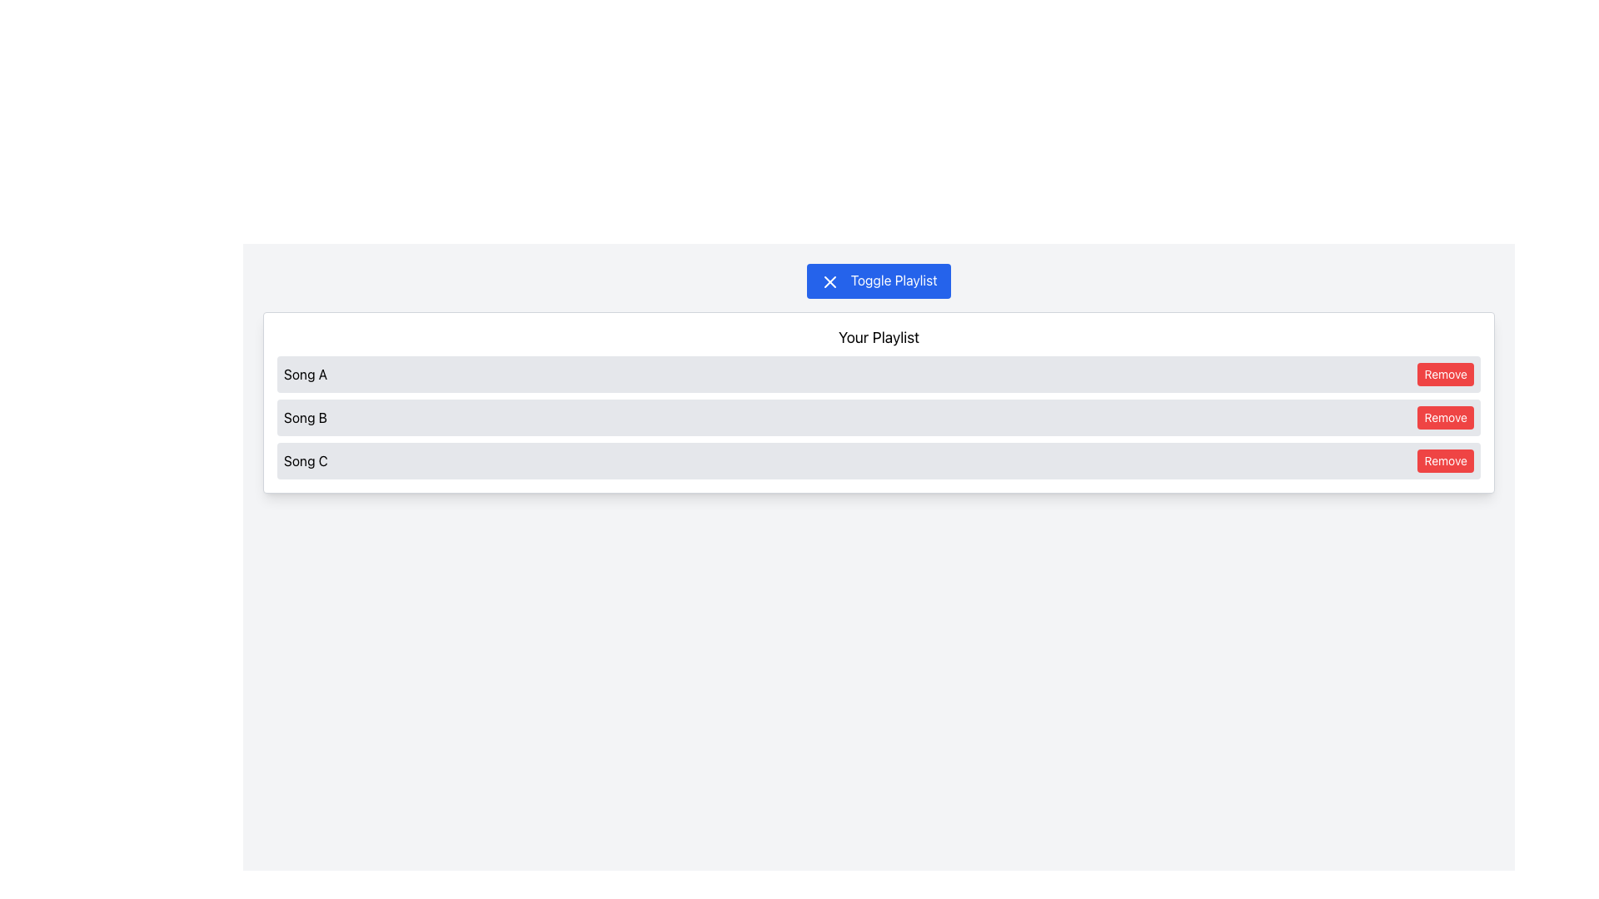 Image resolution: width=1599 pixels, height=899 pixels. What do you see at coordinates (830, 281) in the screenshot?
I see `the 'X' icon representing a cancel symbol within the 'Toggle Playlist' button, located near the top center of the interface` at bounding box center [830, 281].